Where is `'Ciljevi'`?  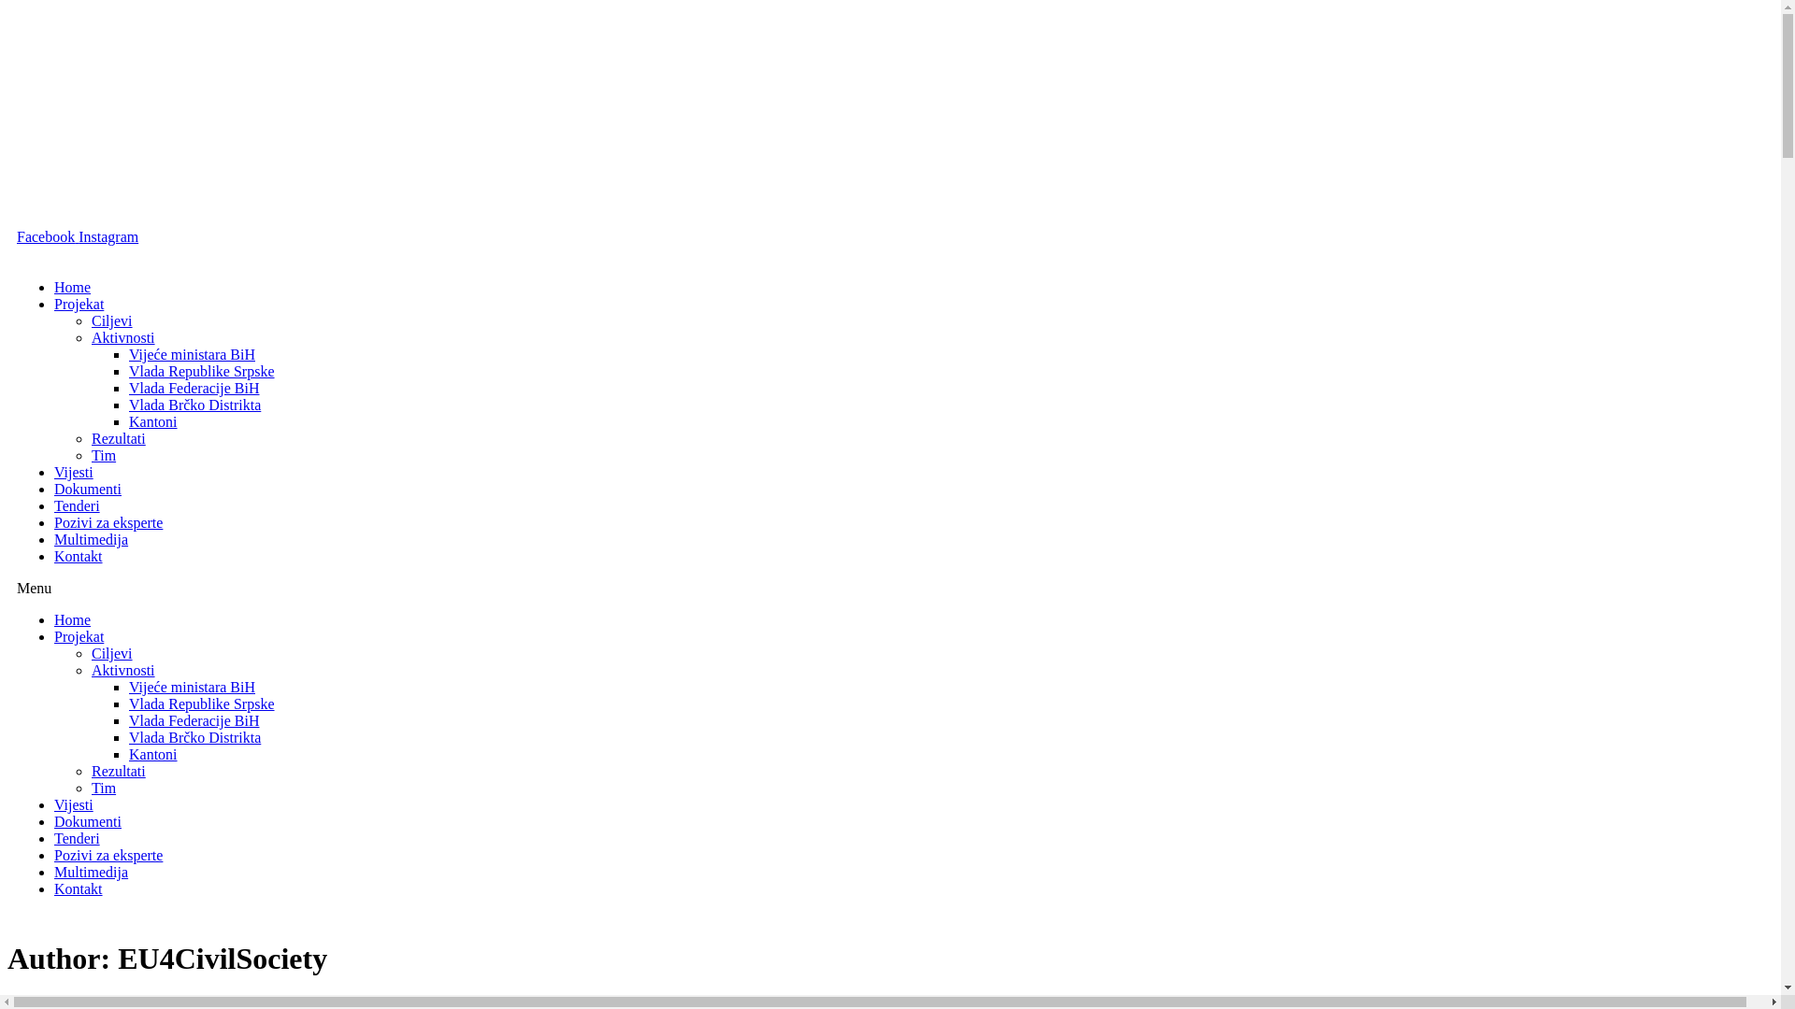 'Ciljevi' is located at coordinates (90, 652).